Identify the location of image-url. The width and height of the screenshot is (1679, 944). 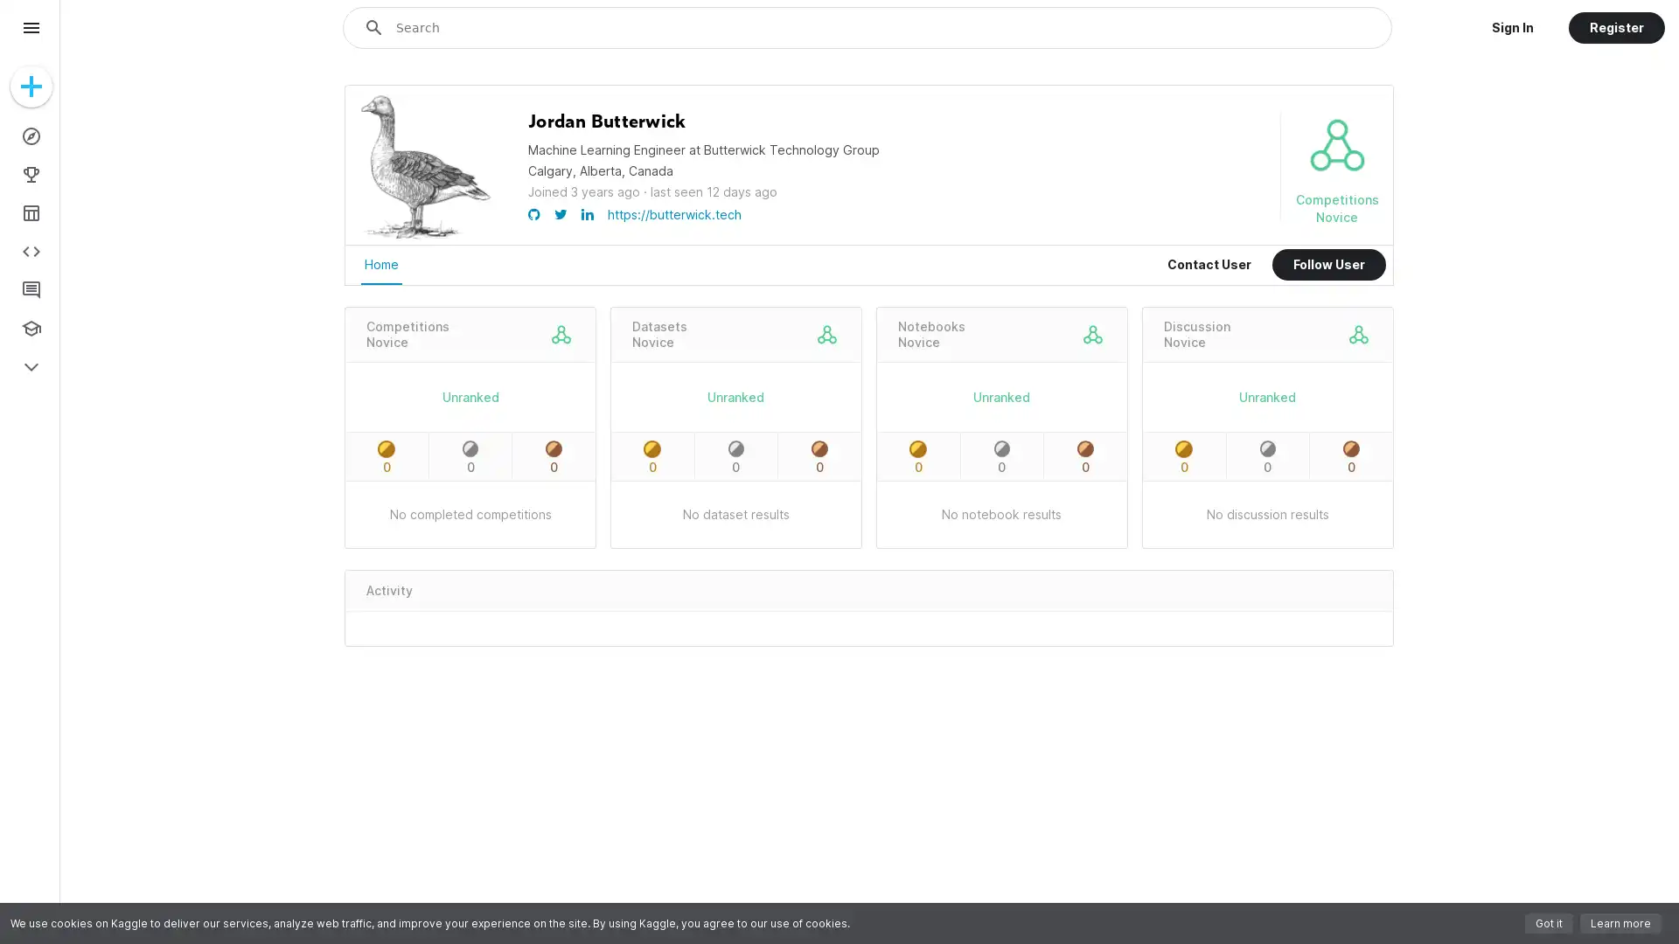
(425, 238).